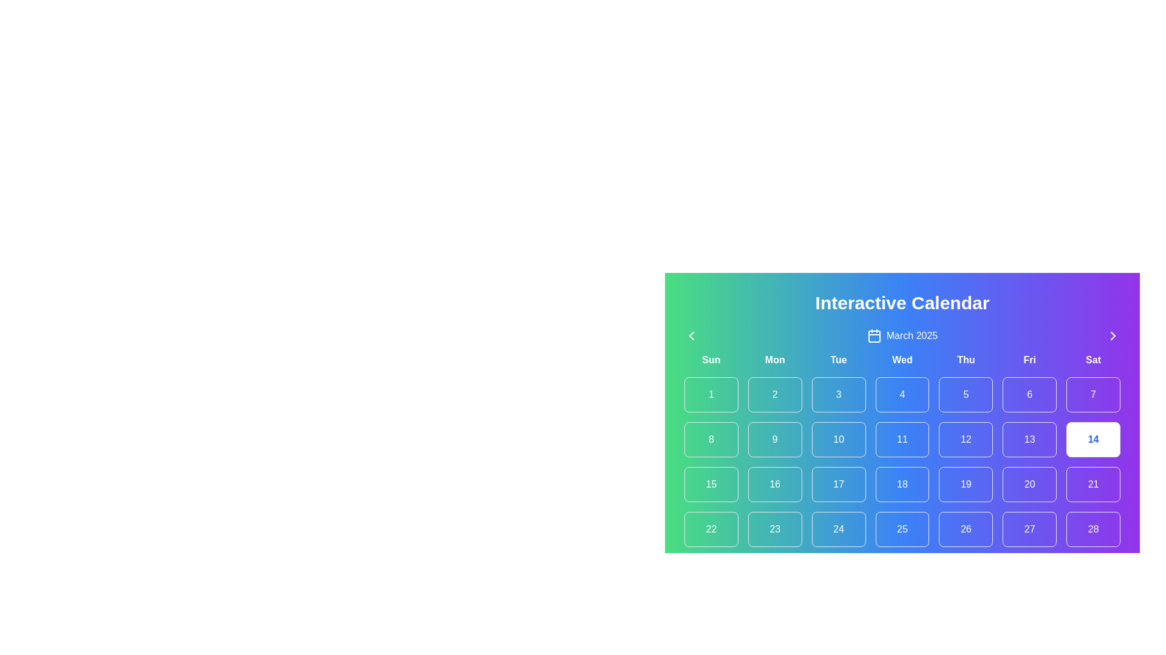  I want to click on the Calendar day button representing March 21st, located in the fifth row under the 'Sat' column of the interactive calendar interface, so click(1093, 483).